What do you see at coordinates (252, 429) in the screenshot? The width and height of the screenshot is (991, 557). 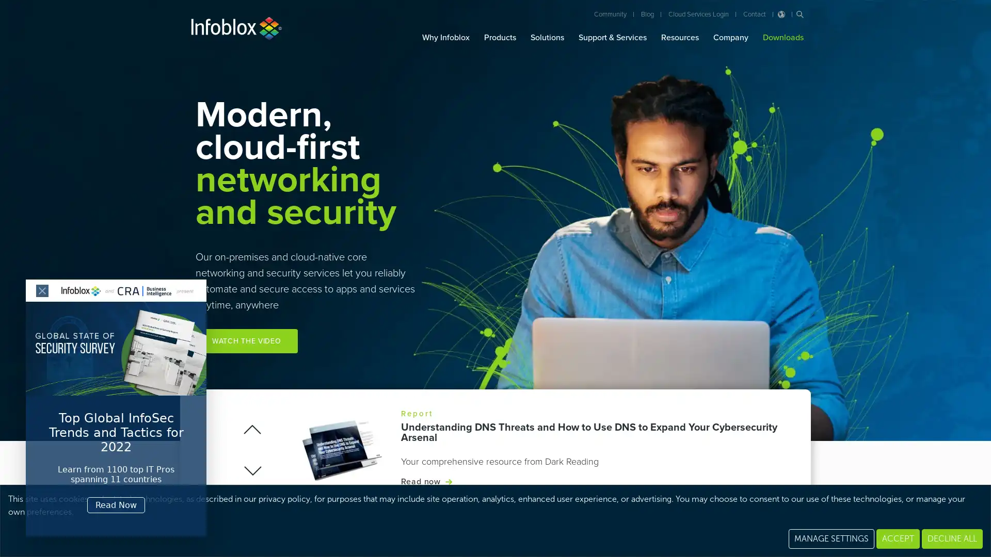 I see `Previous` at bounding box center [252, 429].